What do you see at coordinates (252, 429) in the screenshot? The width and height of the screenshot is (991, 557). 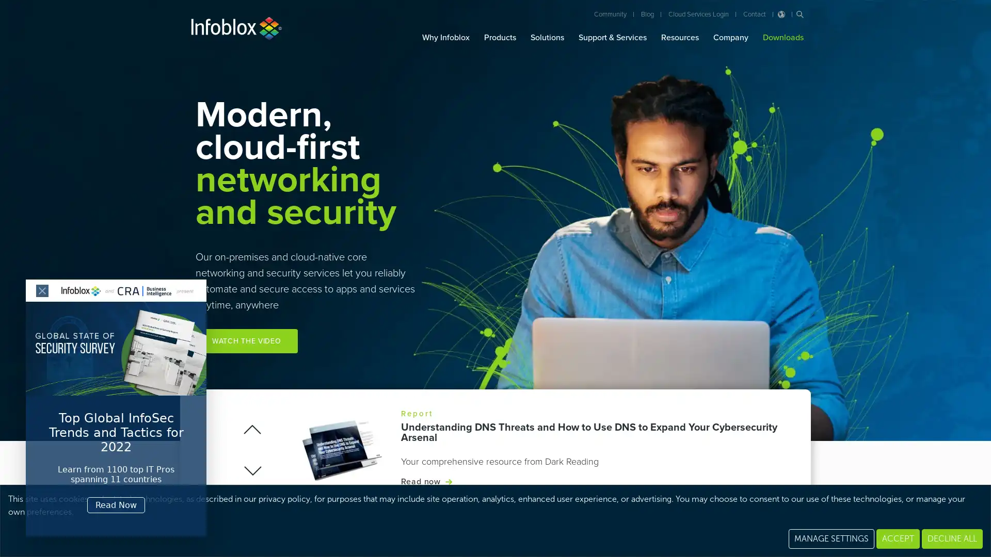 I see `Previous` at bounding box center [252, 429].